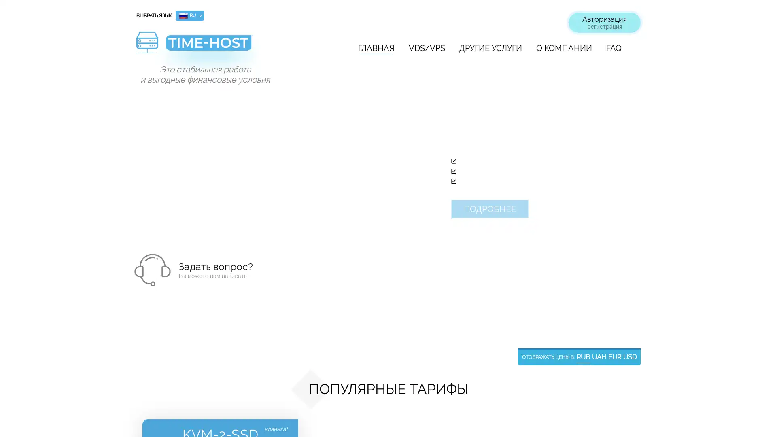  Describe the element at coordinates (614, 357) in the screenshot. I see `EUR` at that location.